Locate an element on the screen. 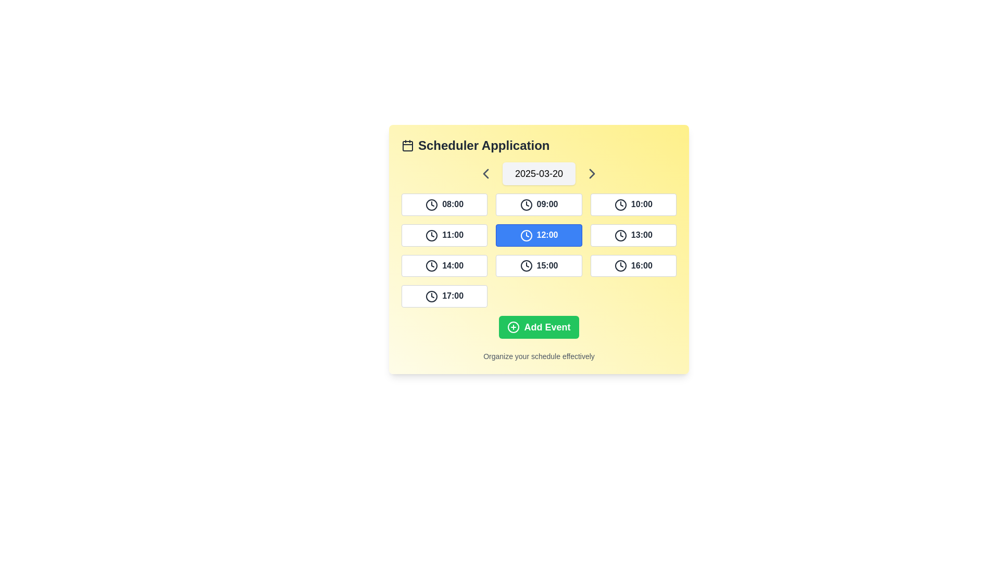 This screenshot has width=1000, height=562. the chevron icon-button for navigation located to the left of the date display field is located at coordinates (485, 173).